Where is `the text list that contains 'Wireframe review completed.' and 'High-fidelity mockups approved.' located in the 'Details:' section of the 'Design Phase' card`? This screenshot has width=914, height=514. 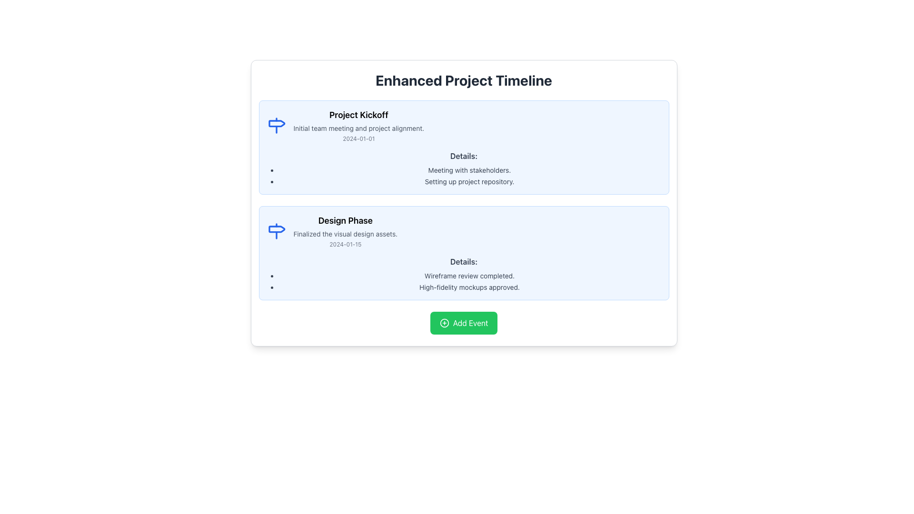
the text list that contains 'Wireframe review completed.' and 'High-fidelity mockups approved.' located in the 'Details:' section of the 'Design Phase' card is located at coordinates (464, 281).